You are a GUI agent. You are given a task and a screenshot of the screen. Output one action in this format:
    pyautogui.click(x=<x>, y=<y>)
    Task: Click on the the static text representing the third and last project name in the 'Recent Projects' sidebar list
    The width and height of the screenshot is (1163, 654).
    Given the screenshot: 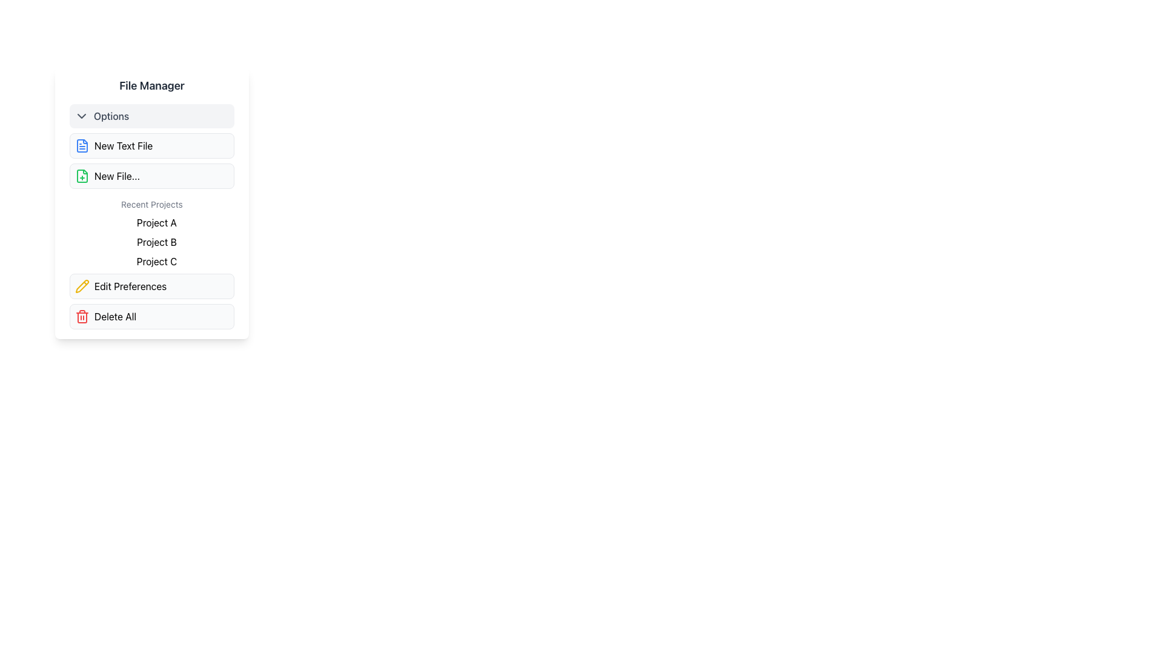 What is the action you would take?
    pyautogui.click(x=151, y=261)
    